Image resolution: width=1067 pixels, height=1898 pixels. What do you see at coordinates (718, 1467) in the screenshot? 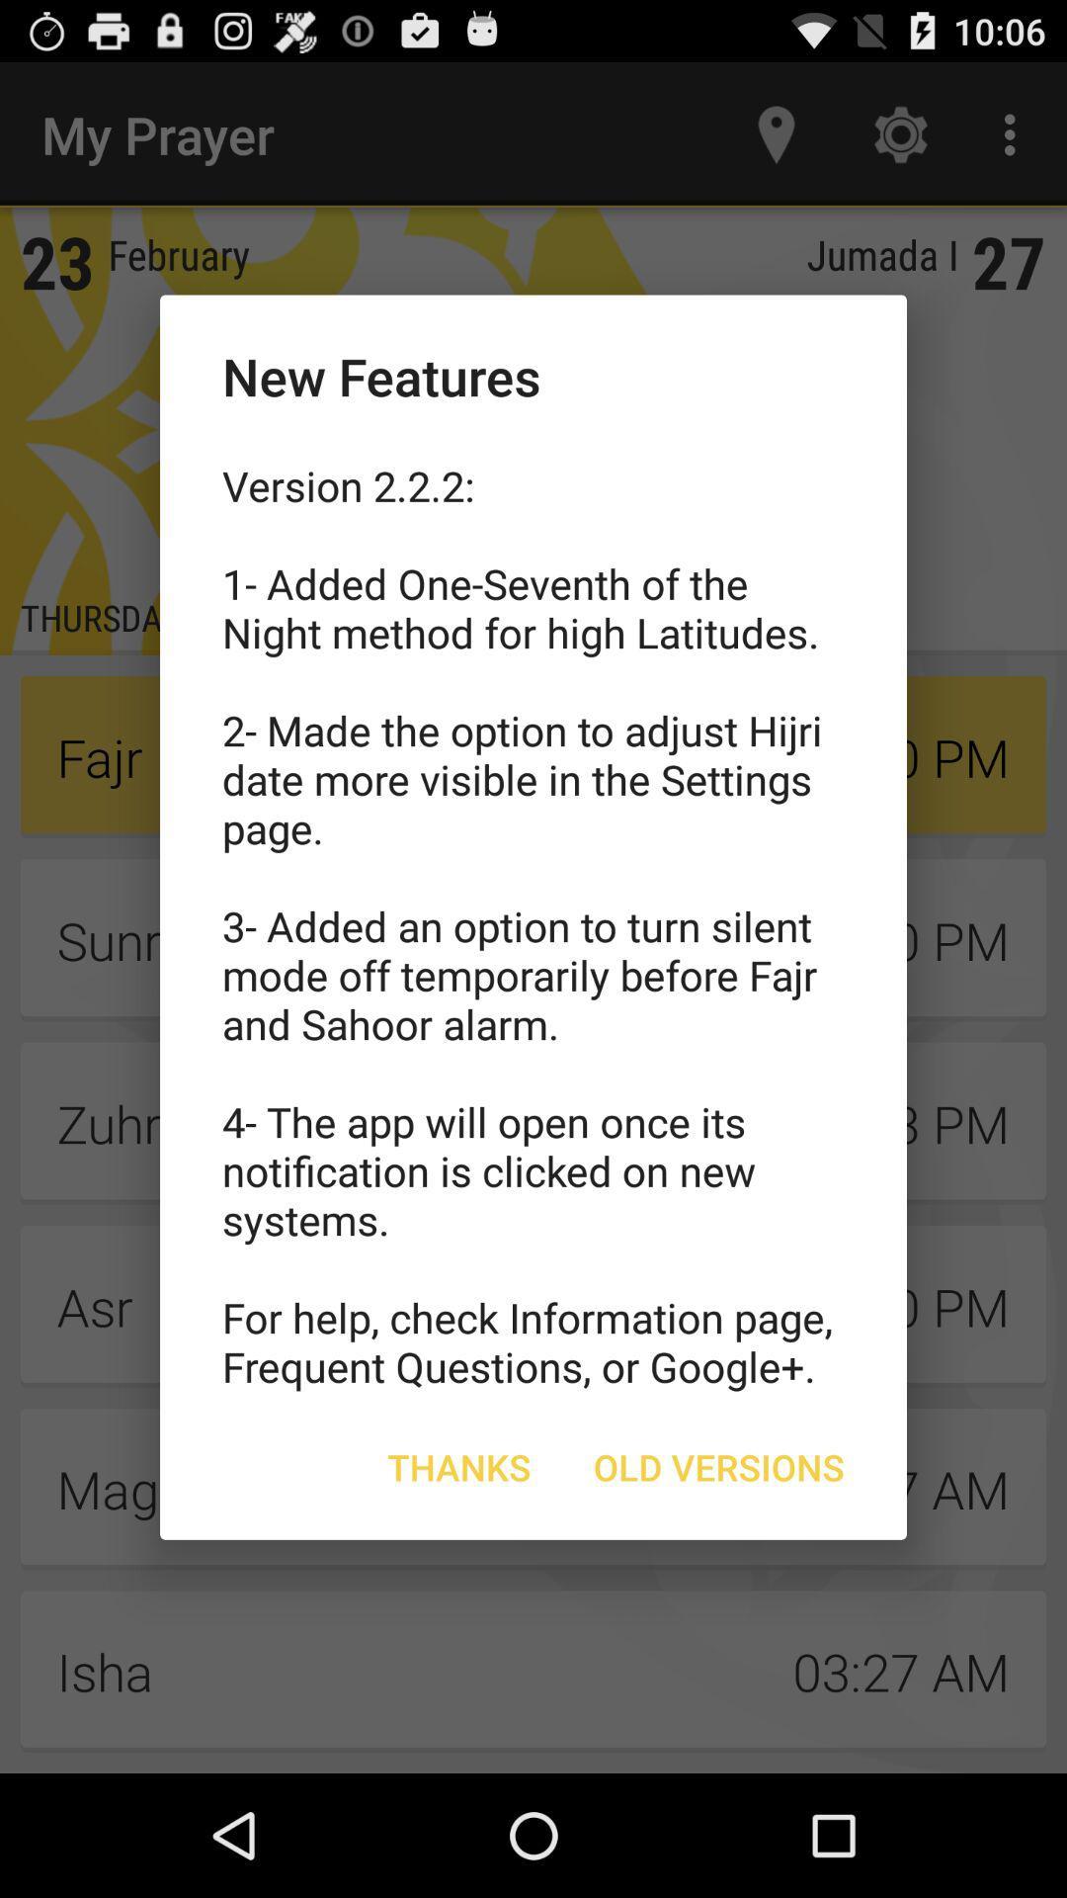
I see `the old versions icon` at bounding box center [718, 1467].